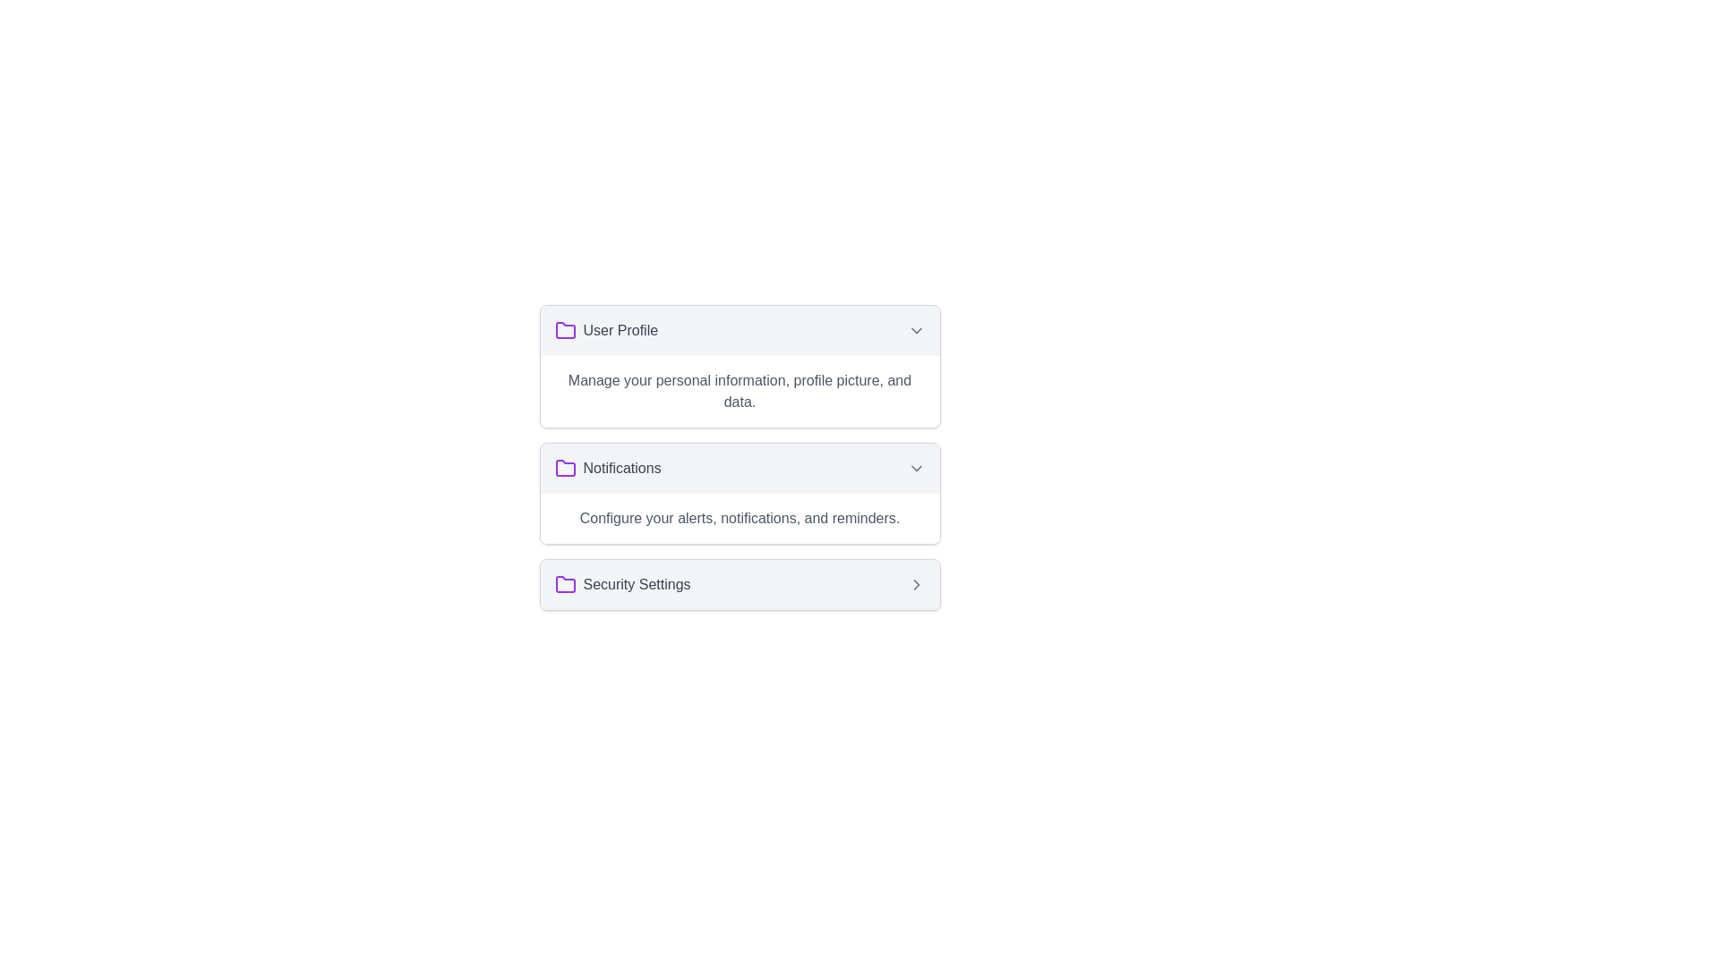 The height and width of the screenshot is (966, 1719). What do you see at coordinates (740, 585) in the screenshot?
I see `the 'Security Settings' button` at bounding box center [740, 585].